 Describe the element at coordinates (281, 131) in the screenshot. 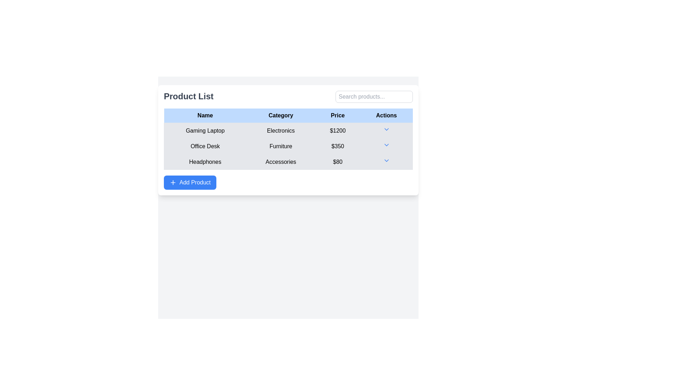

I see `text label in the second cell of the 'Category' column that identifies the product 'Gaming Laptop' as belonging to the 'Electronics' category` at that location.